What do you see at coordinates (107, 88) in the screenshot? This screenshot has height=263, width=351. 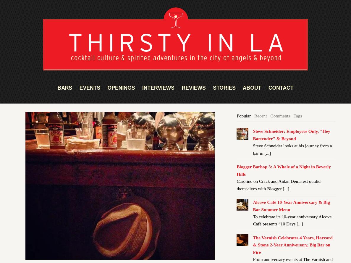 I see `'OPENINGS'` at bounding box center [107, 88].